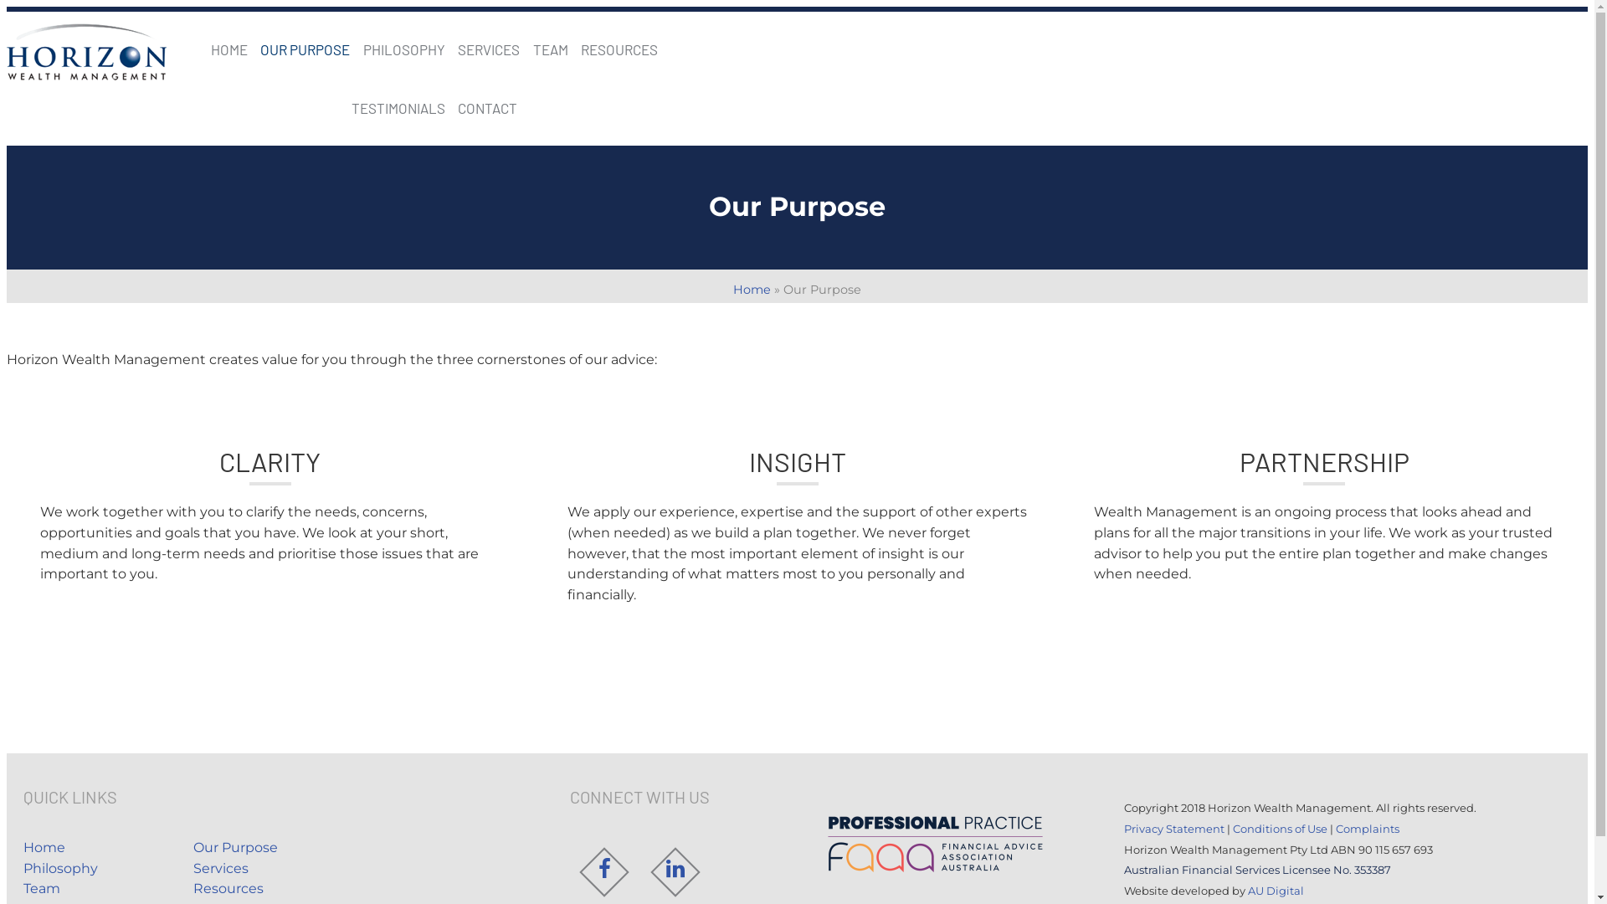  Describe the element at coordinates (1275, 890) in the screenshot. I see `'AU Digital'` at that location.